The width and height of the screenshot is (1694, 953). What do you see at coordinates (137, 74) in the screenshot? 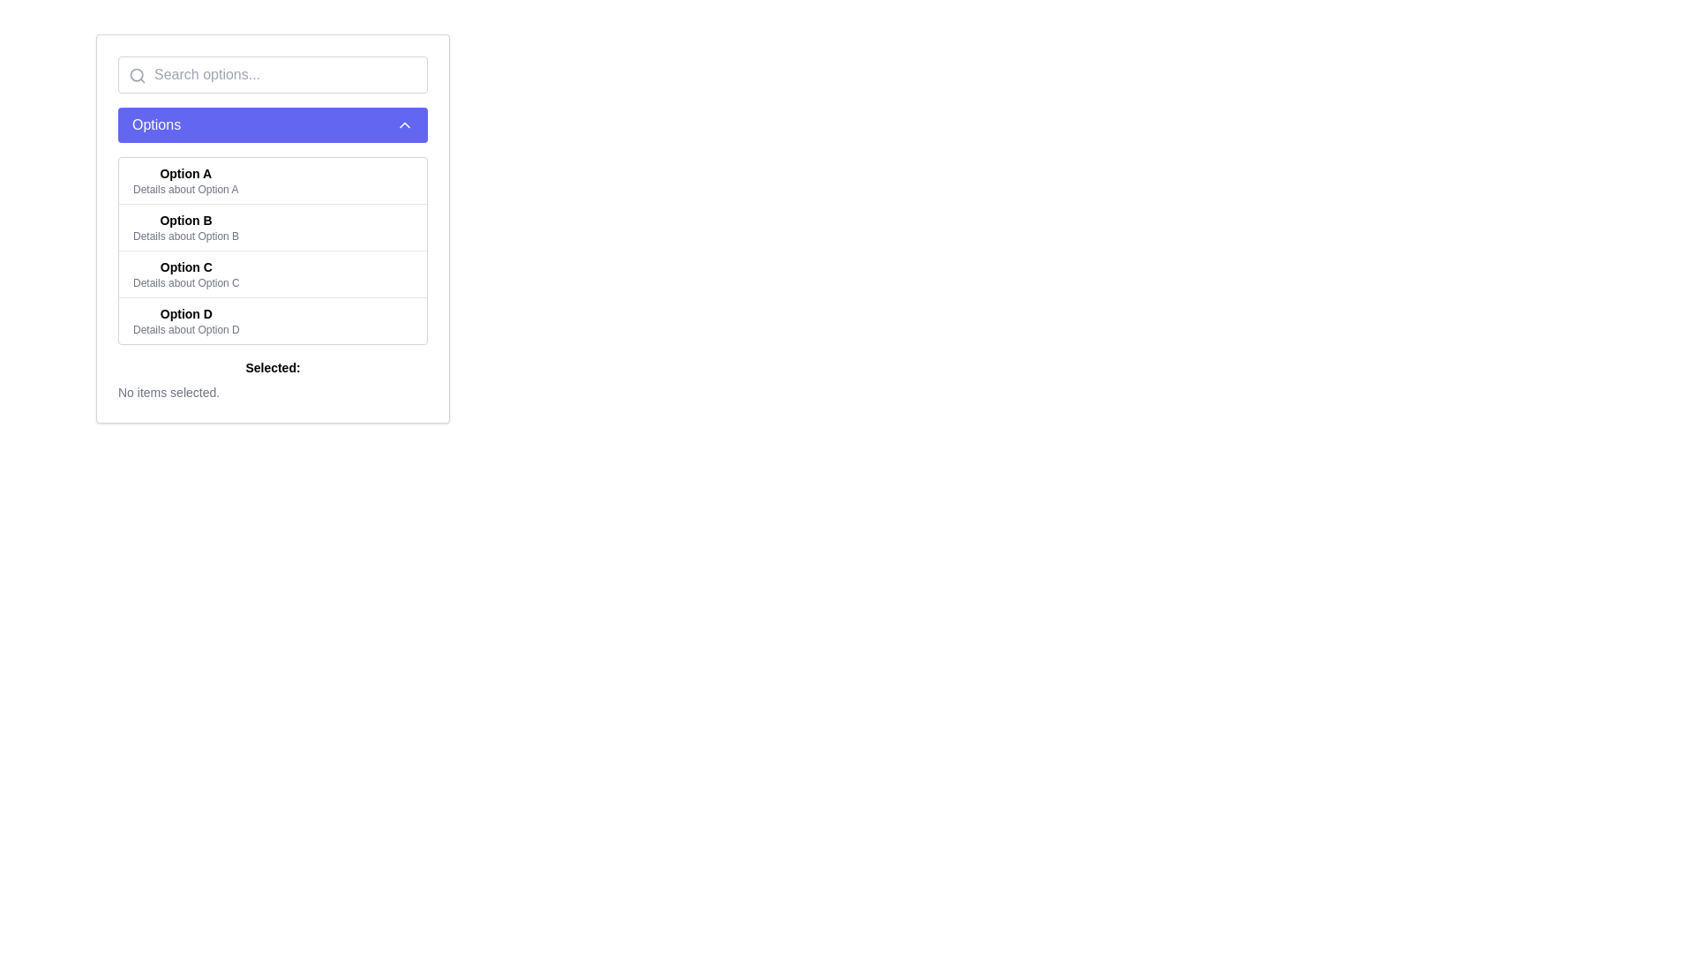
I see `the search icon located in the top-left corner of the 'Search options...' input field to indicate the ability to perform a search action` at bounding box center [137, 74].